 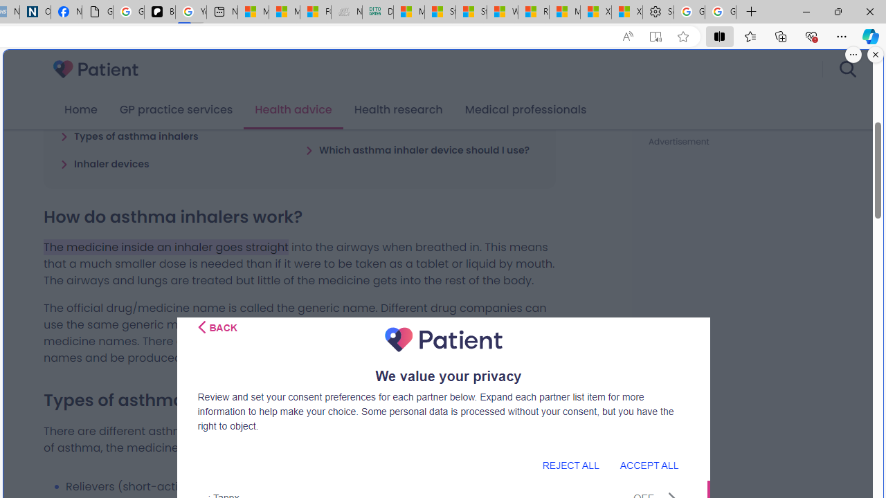 What do you see at coordinates (80, 109) in the screenshot?
I see `'Home'` at bounding box center [80, 109].